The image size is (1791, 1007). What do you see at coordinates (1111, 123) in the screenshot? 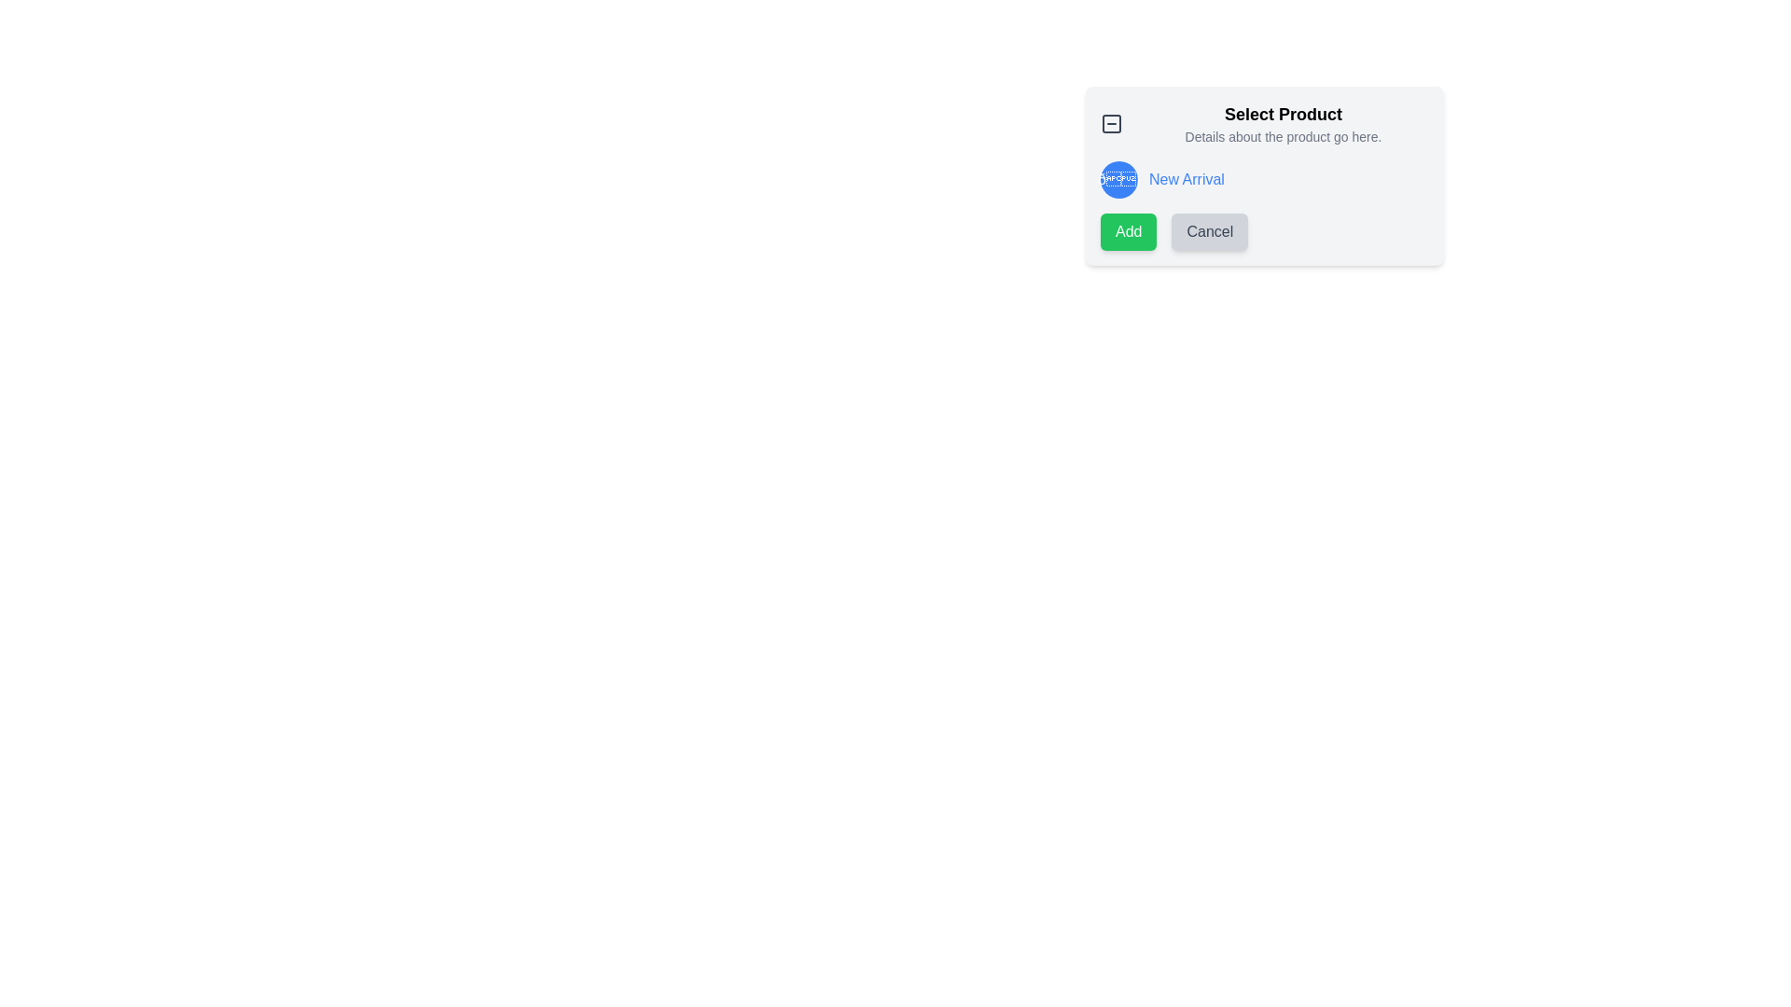
I see `the decorative icon located in the top-left corner of the 'Select Product' interface, which symbolizes a function related to removing or clearing` at bounding box center [1111, 123].